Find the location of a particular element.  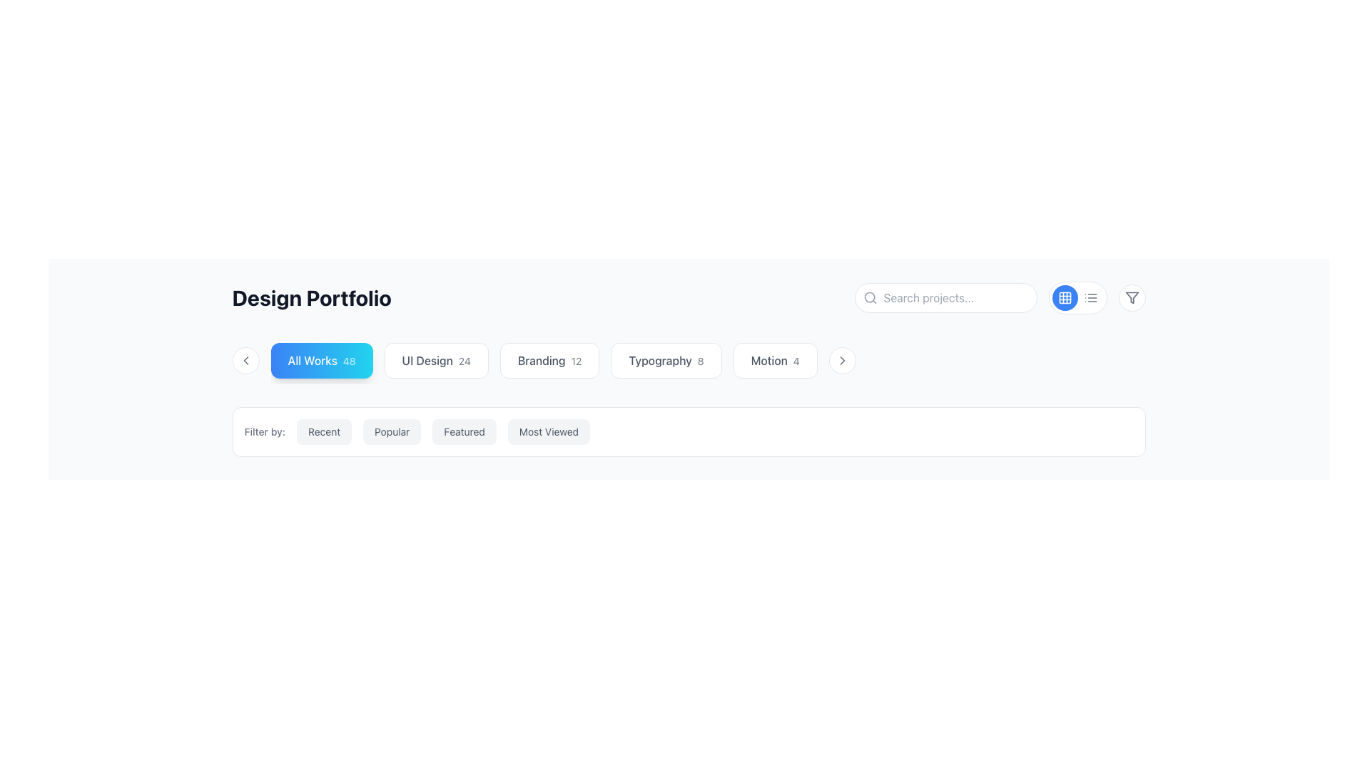

the 'Typography' button, which is a rectangular button with a white background and rounded corners, positioned between 'Branding 12' and 'Motion 4' is located at coordinates (665, 359).